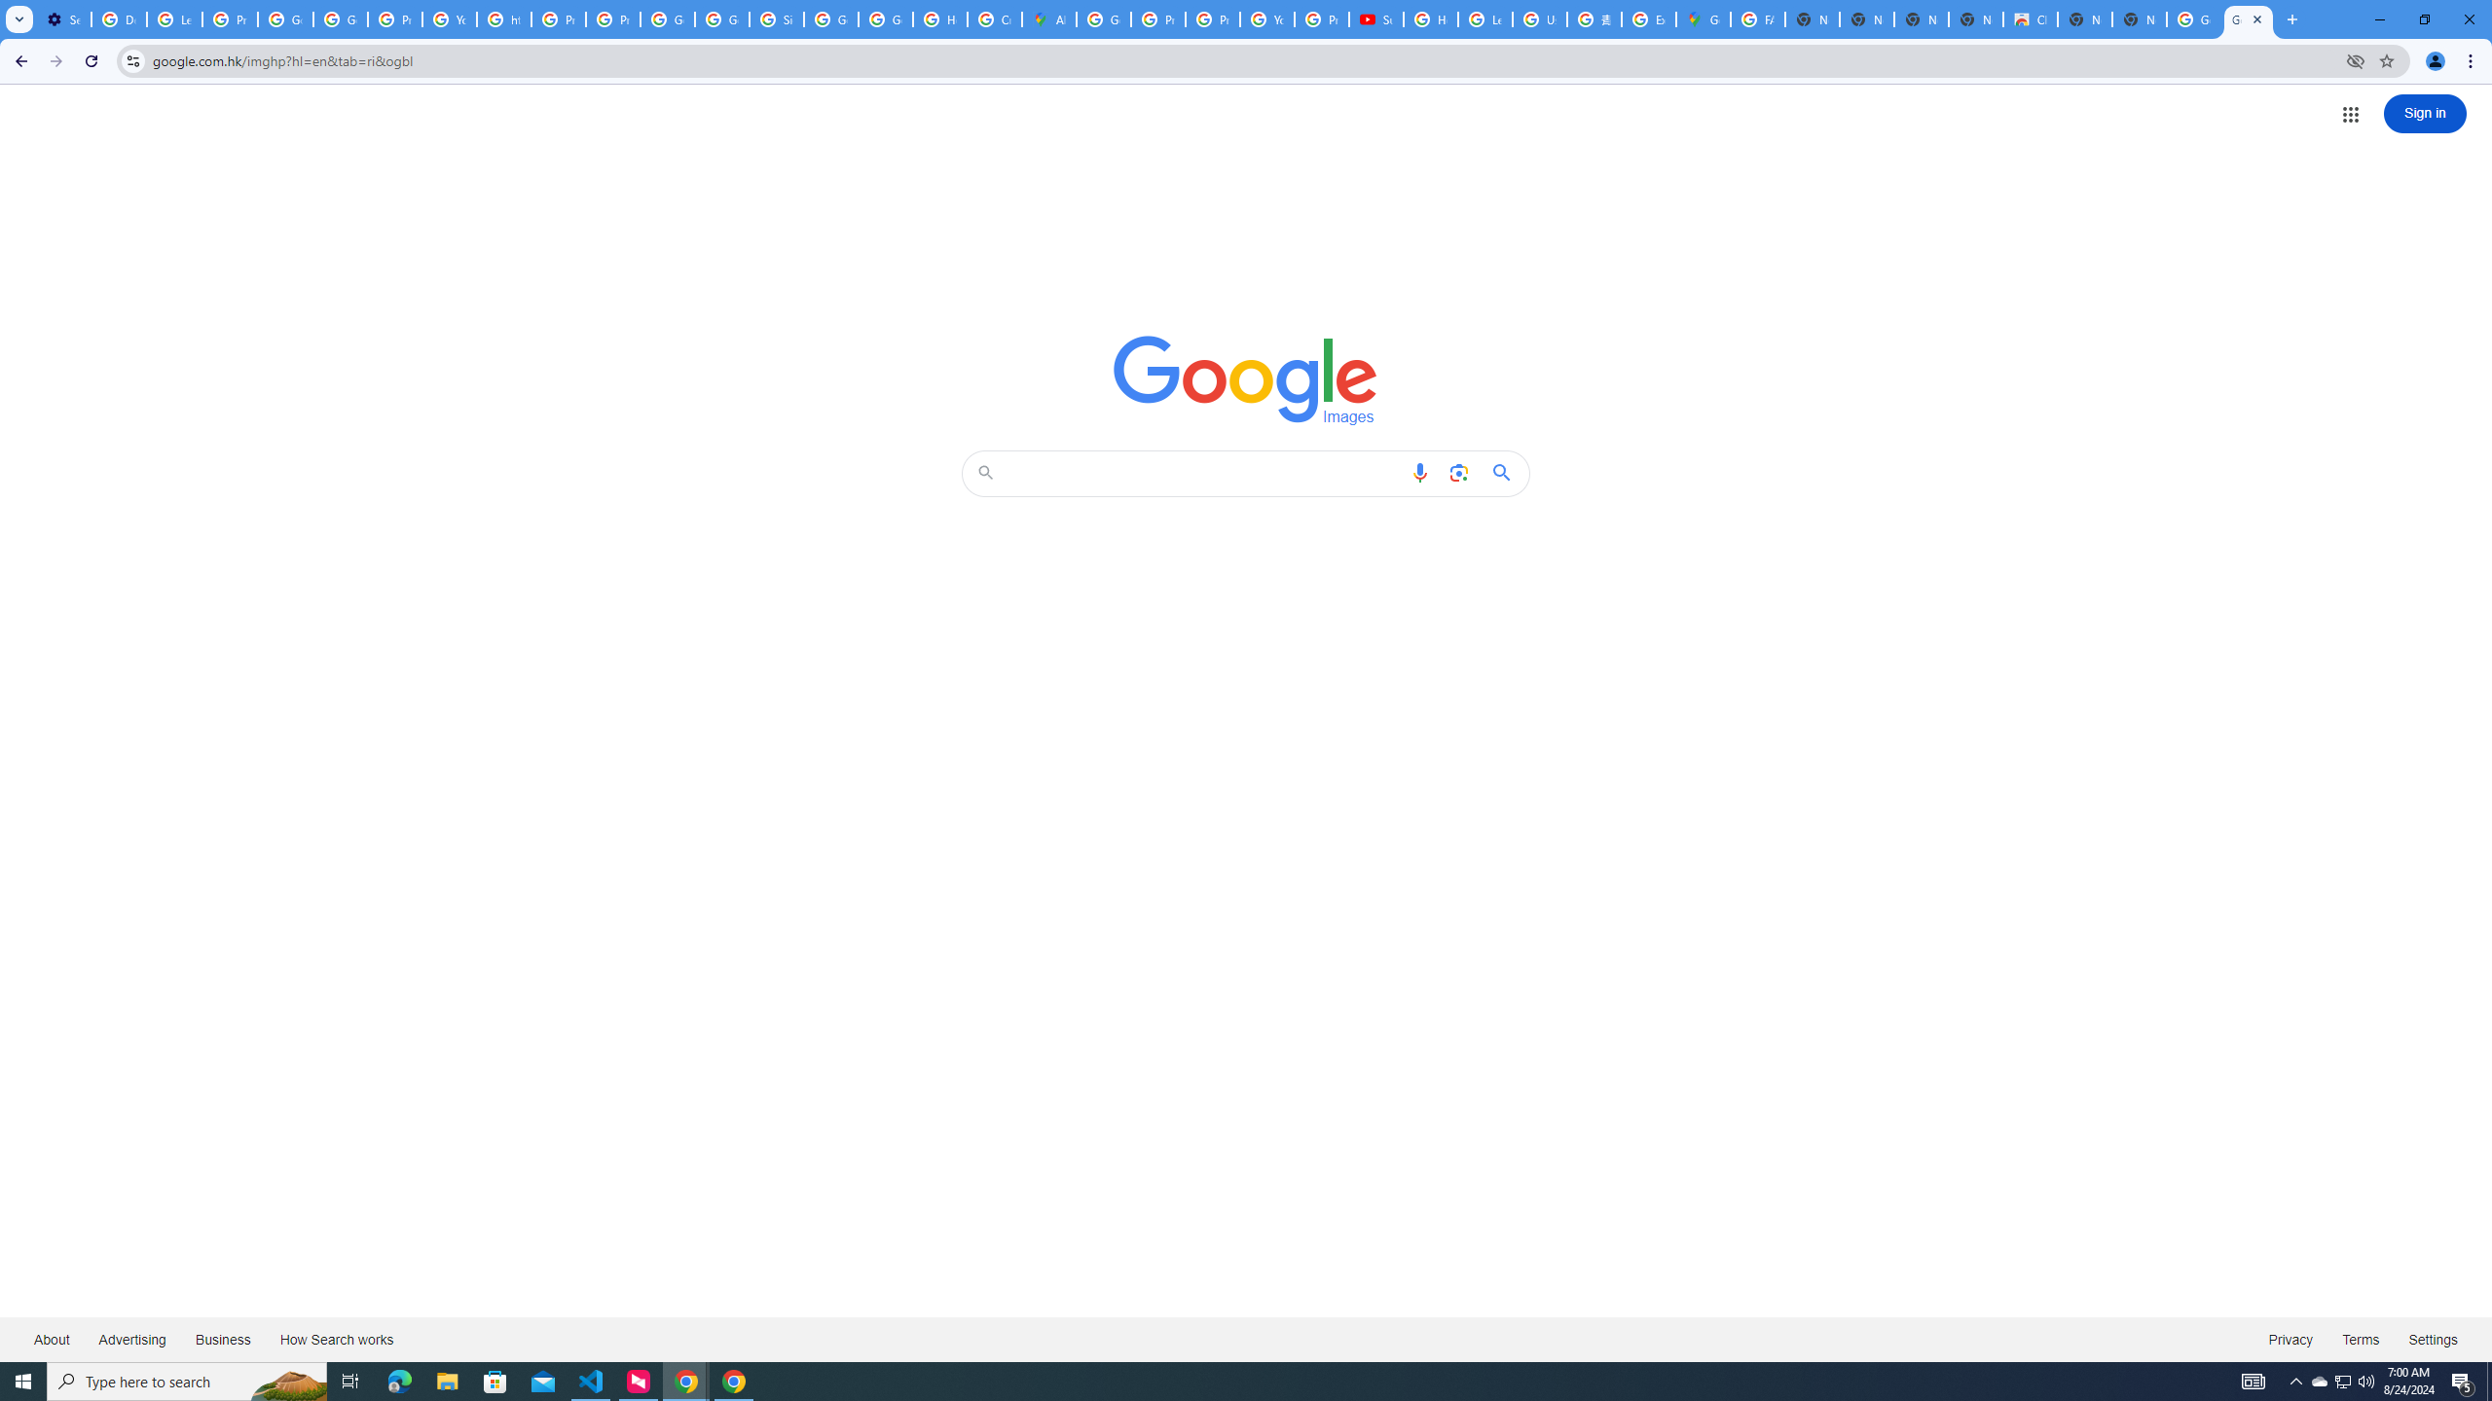 Image resolution: width=2492 pixels, height=1401 pixels. Describe the element at coordinates (285, 18) in the screenshot. I see `'Google Account Help'` at that location.